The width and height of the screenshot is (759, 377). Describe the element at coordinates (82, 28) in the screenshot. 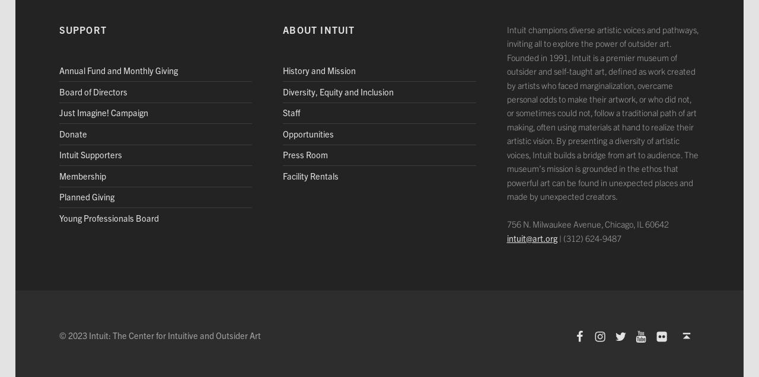

I see `'SUPPORT'` at that location.